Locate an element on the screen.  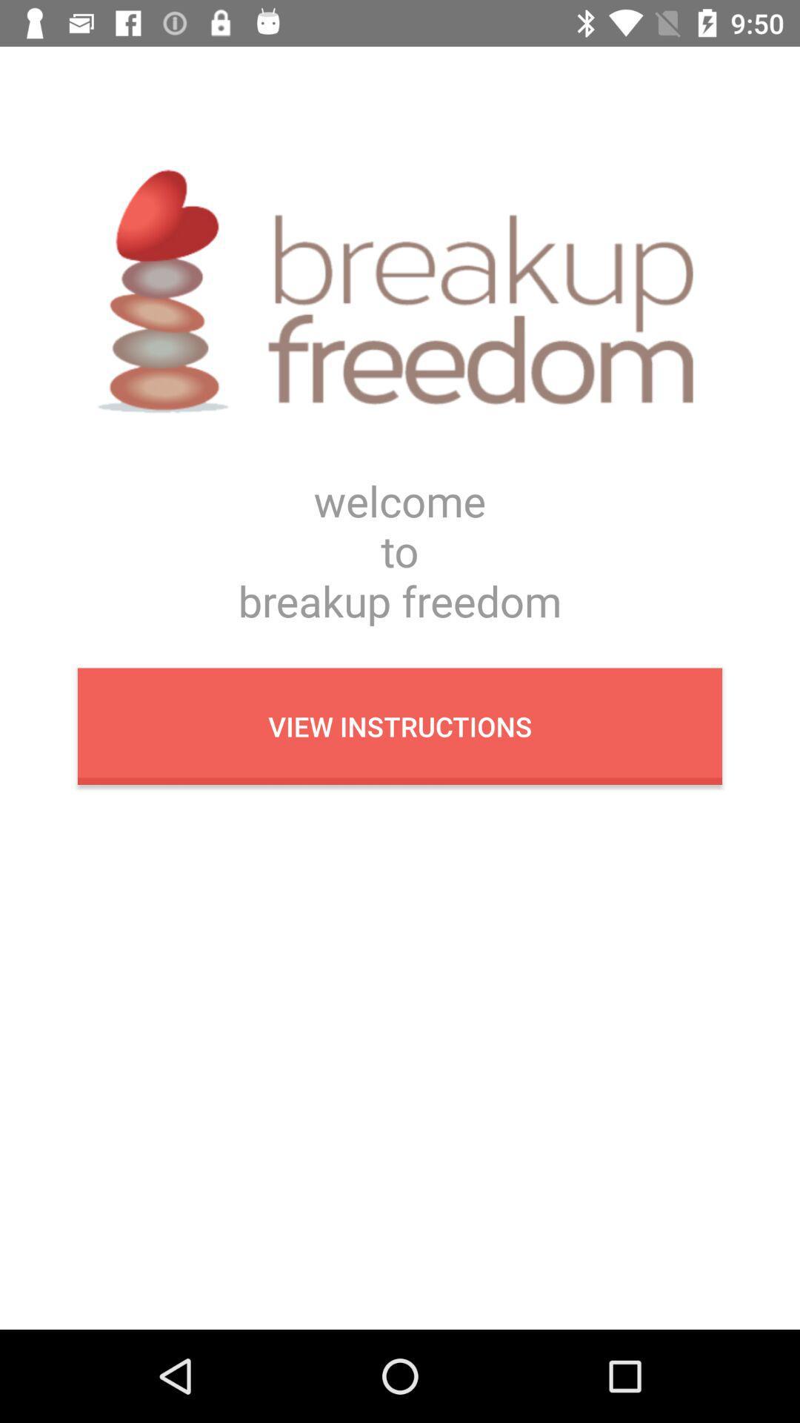
view instructions is located at coordinates (400, 726).